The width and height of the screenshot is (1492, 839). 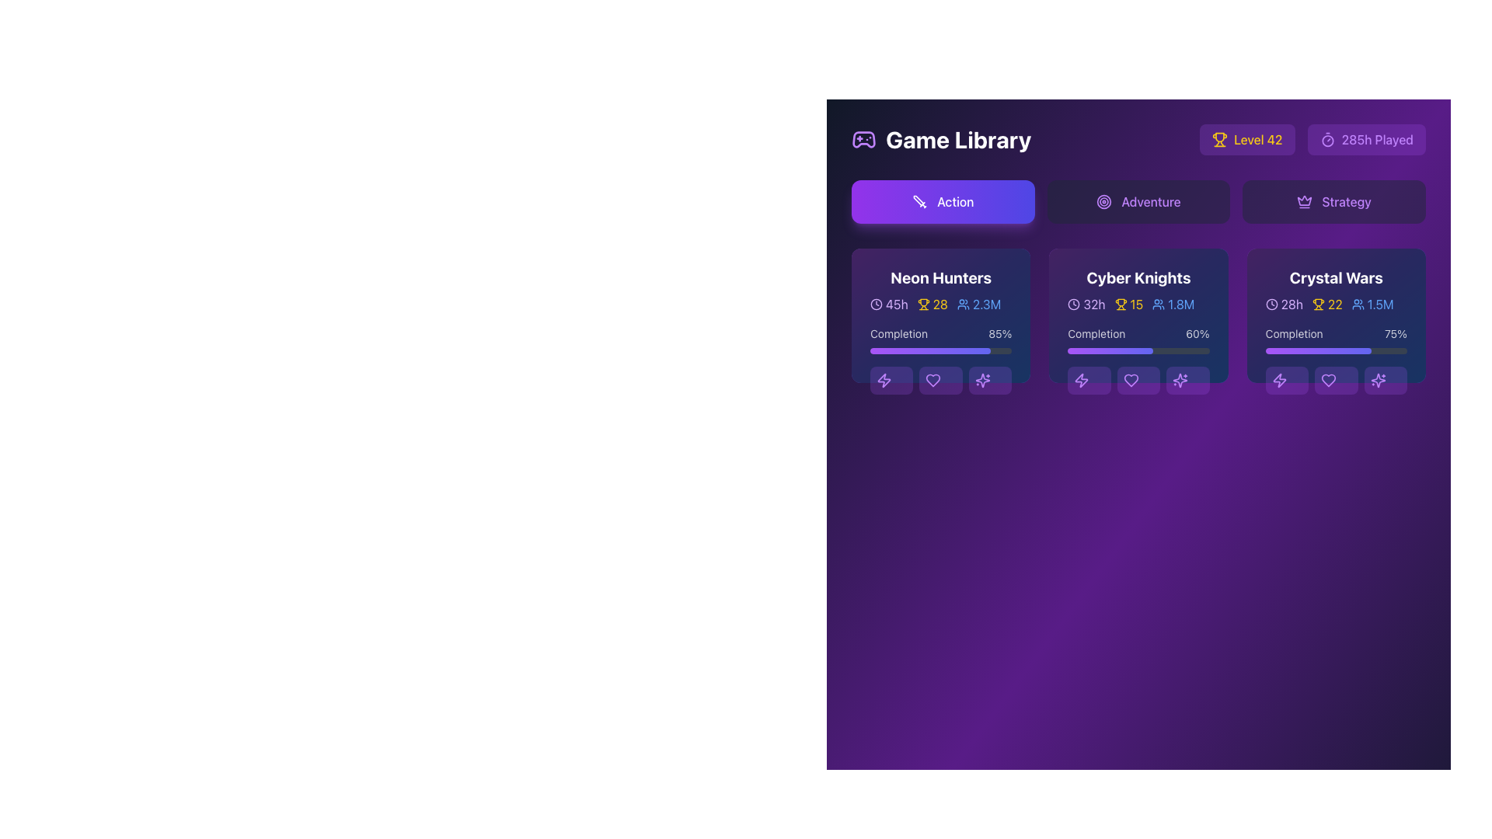 What do you see at coordinates (1335, 277) in the screenshot?
I see `the title text label for the game 'Crystal Wars', located at the top center of the game's card in the 'Game Library' section` at bounding box center [1335, 277].